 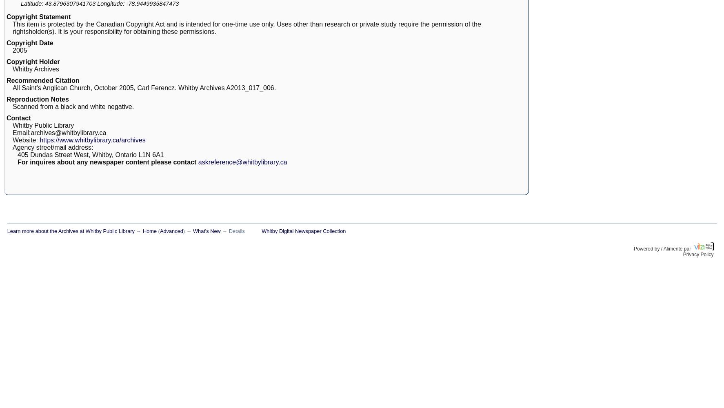 I want to click on 'Agency street/mail address:', so click(x=53, y=147).